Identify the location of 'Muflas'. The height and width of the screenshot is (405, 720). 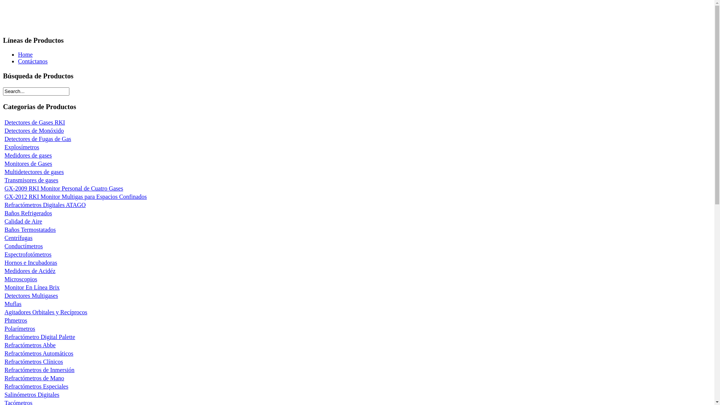
(13, 304).